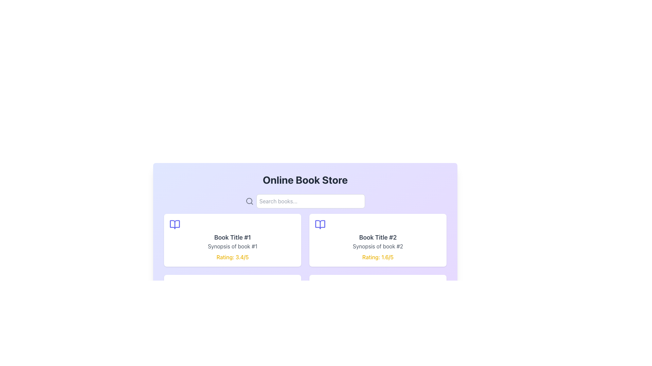  Describe the element at coordinates (305, 180) in the screenshot. I see `text of the Header or Title element positioned at the top center of the section, which indicates the content and purpose of the interface` at that location.